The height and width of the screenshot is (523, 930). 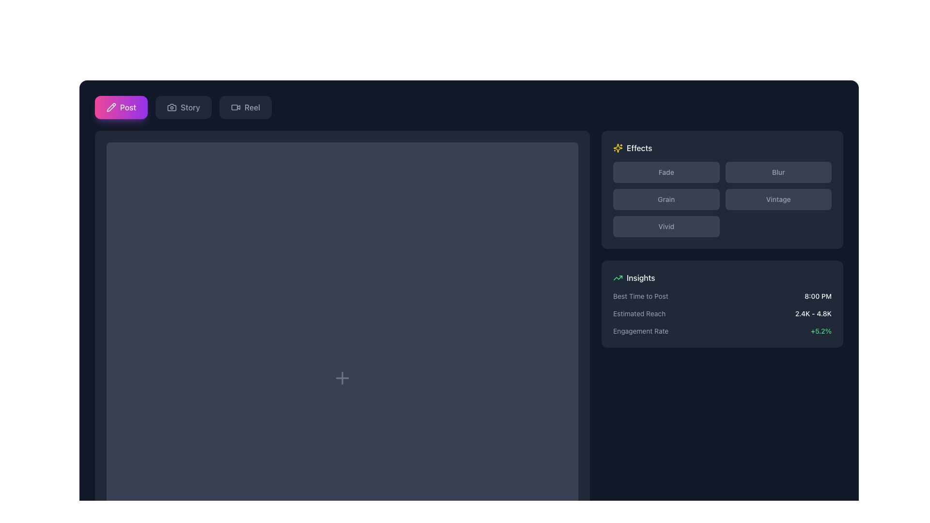 What do you see at coordinates (618, 278) in the screenshot?
I see `the first icon in the 'Insights' section, located towards the bottom right corner of the interface` at bounding box center [618, 278].